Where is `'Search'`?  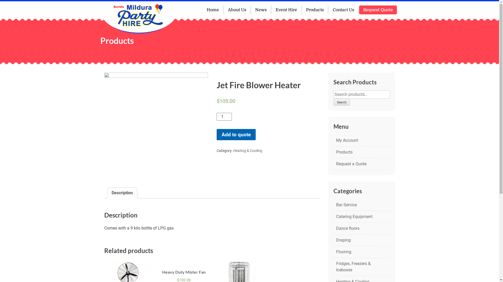
'Search' is located at coordinates (341, 102).